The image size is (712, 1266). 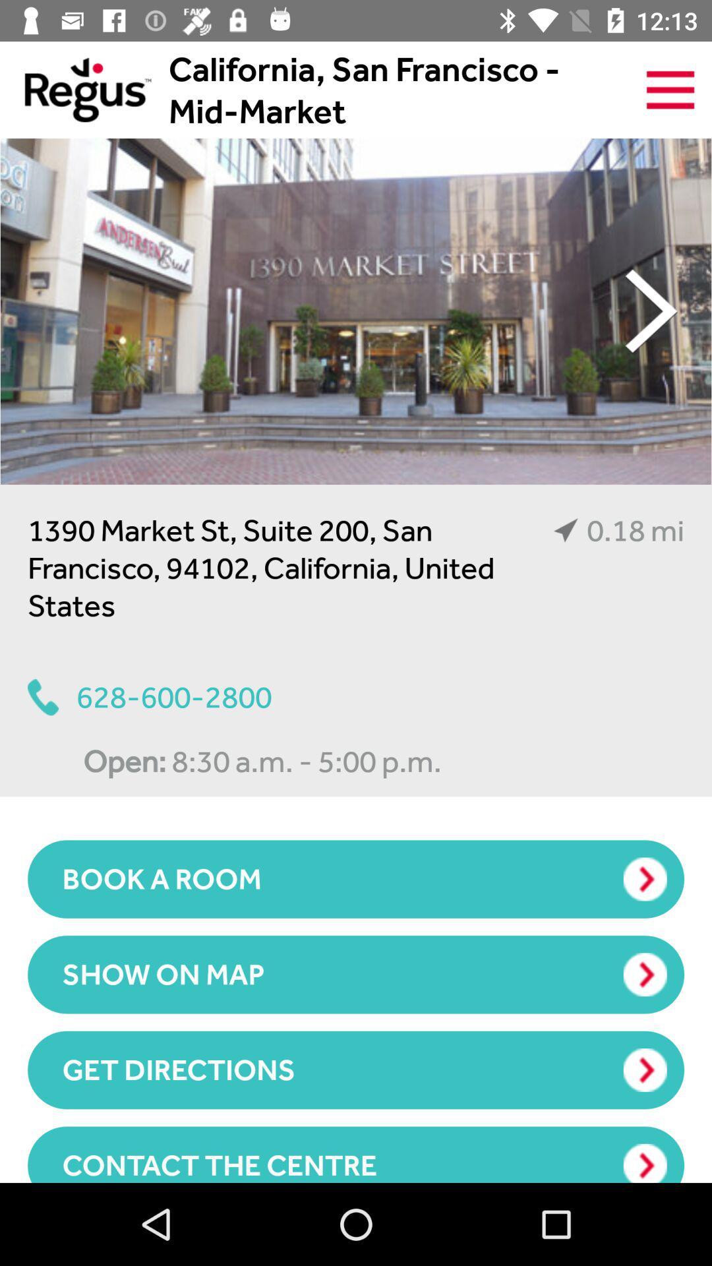 I want to click on the icon below the 1390 market st, so click(x=149, y=696).